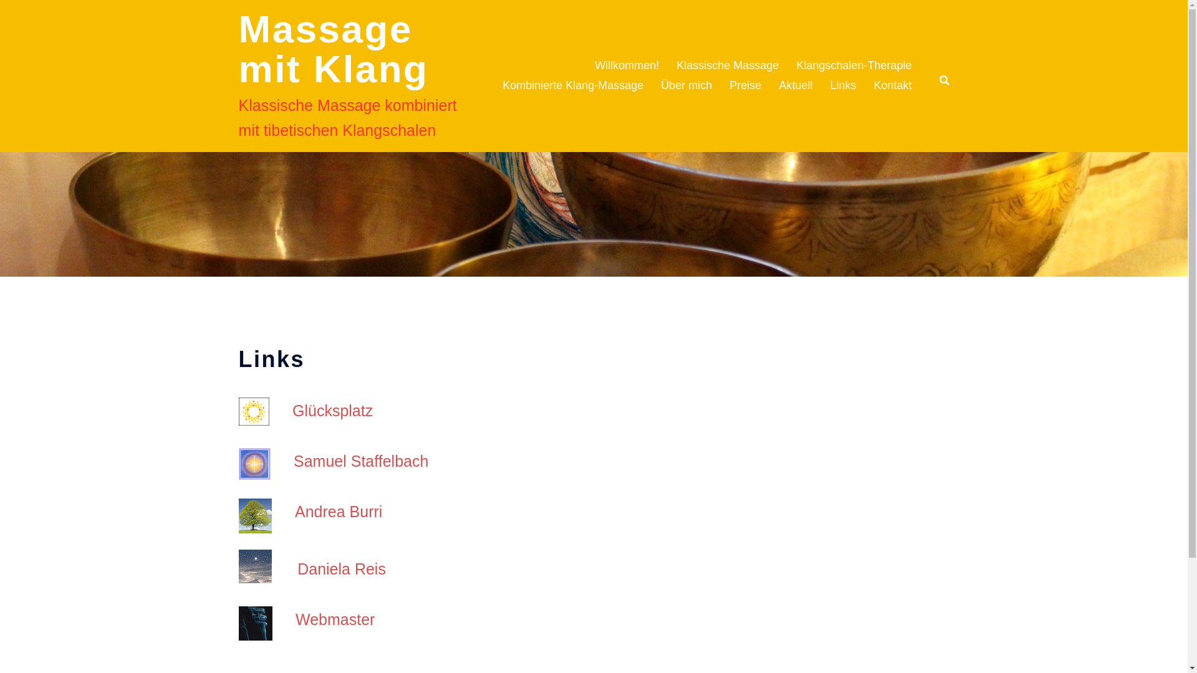 The image size is (1197, 673). Describe the element at coordinates (292, 461) in the screenshot. I see `'Samuel Staffelbach'` at that location.